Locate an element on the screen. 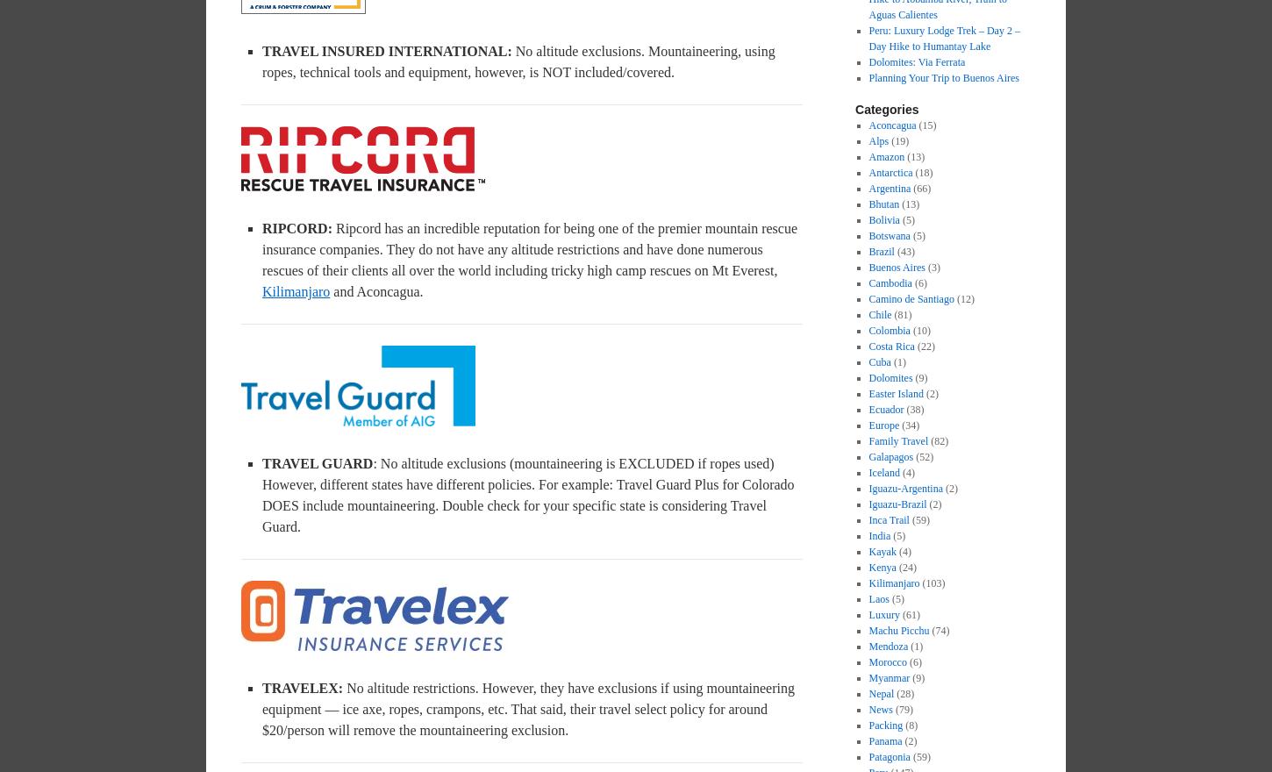  'Family Travel' is located at coordinates (868, 441).